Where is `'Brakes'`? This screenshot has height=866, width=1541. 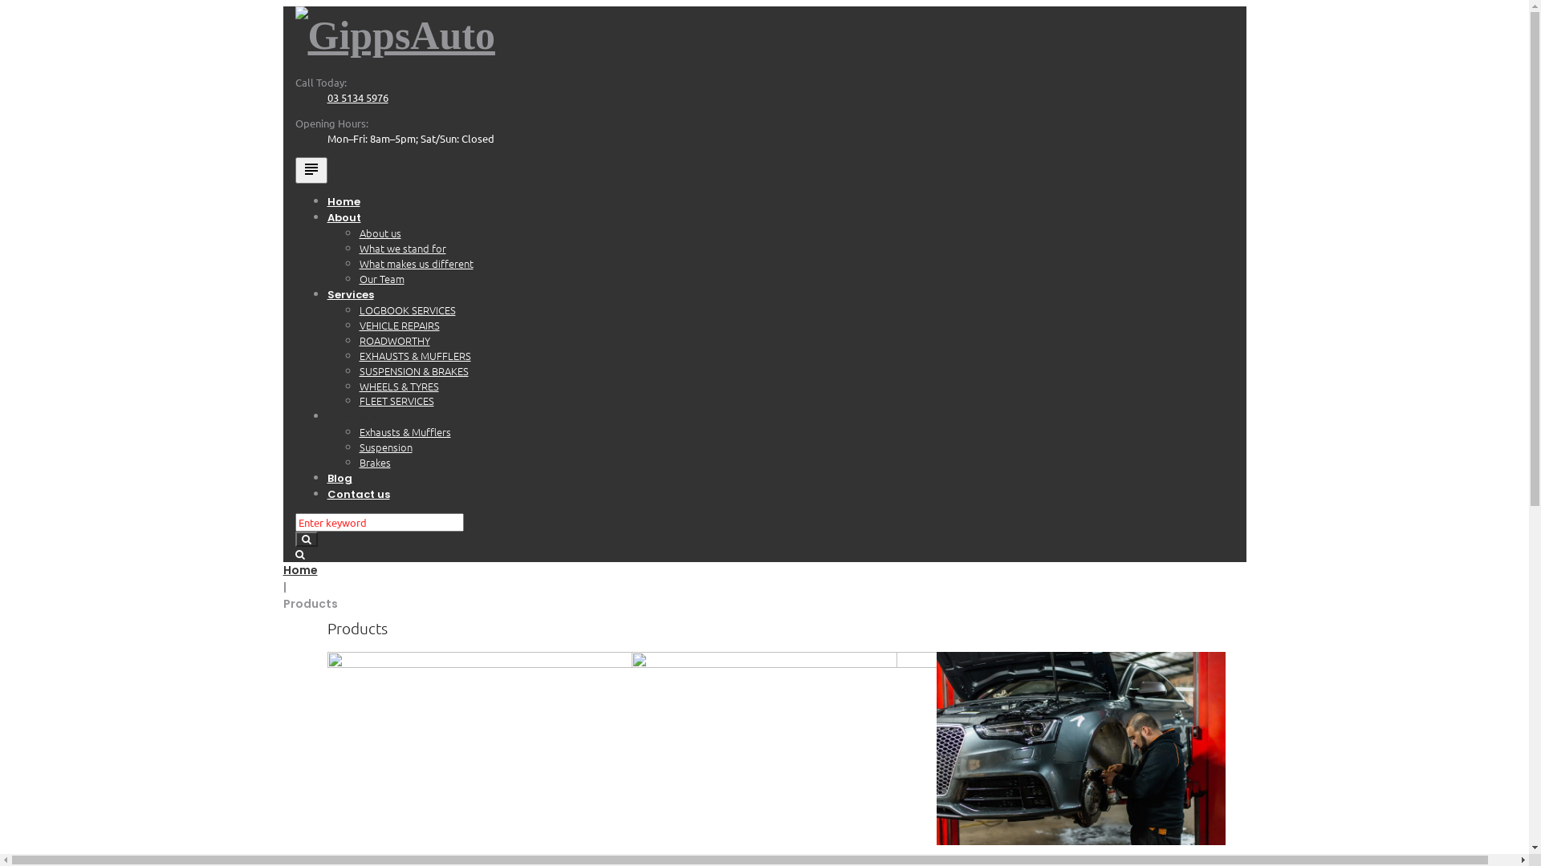 'Brakes' is located at coordinates (358, 462).